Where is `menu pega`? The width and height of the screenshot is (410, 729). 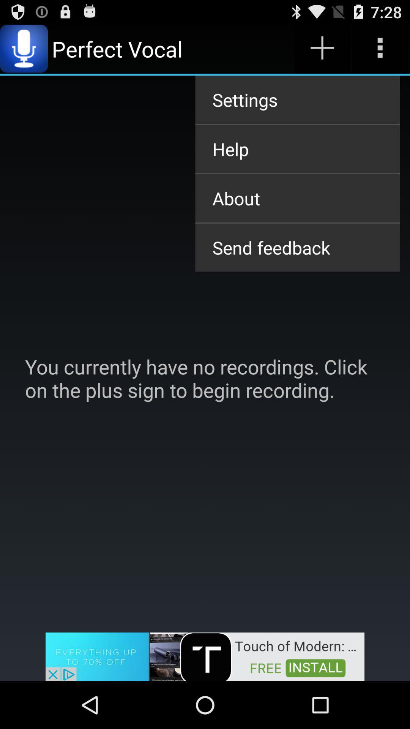 menu pega is located at coordinates (322, 48).